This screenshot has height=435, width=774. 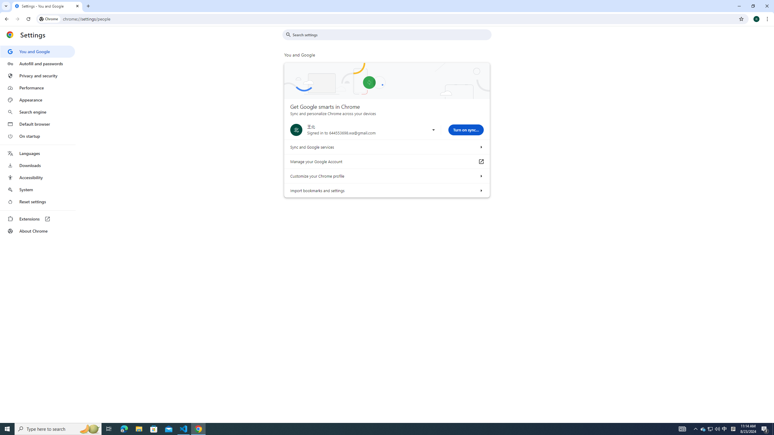 What do you see at coordinates (37, 124) in the screenshot?
I see `'Default browser'` at bounding box center [37, 124].